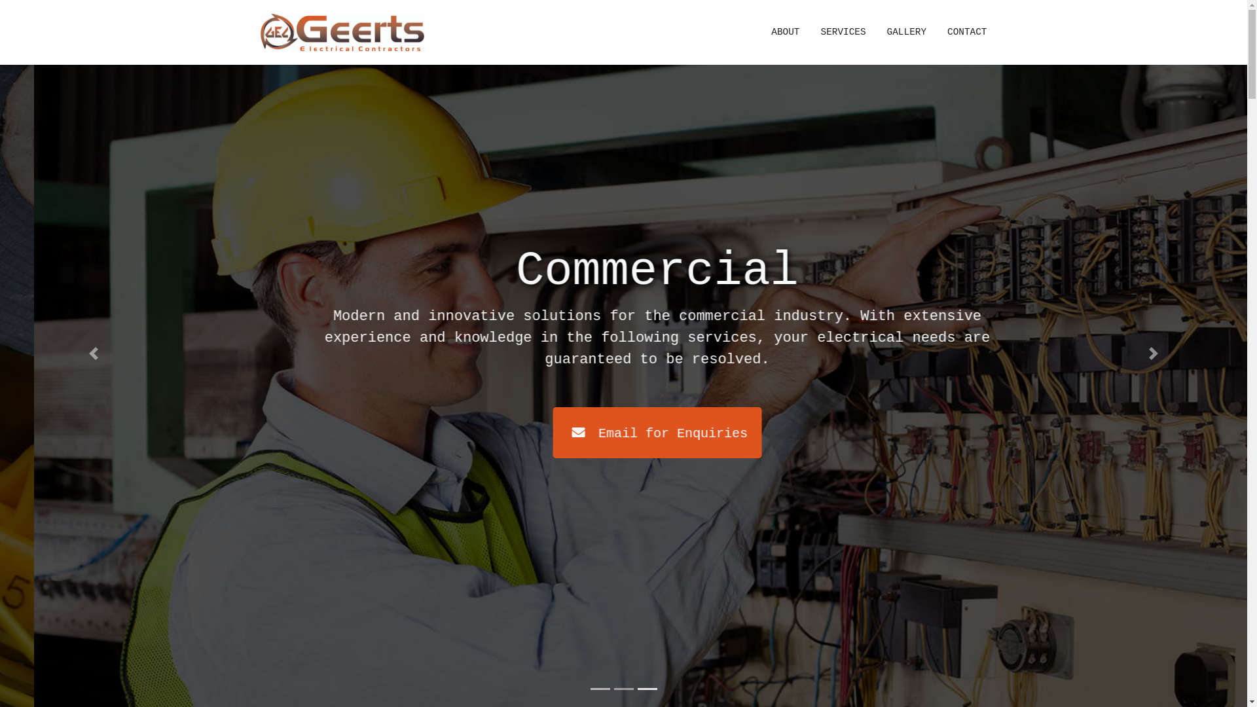 The width and height of the screenshot is (1257, 707). What do you see at coordinates (961, 32) in the screenshot?
I see `'CONTACT'` at bounding box center [961, 32].